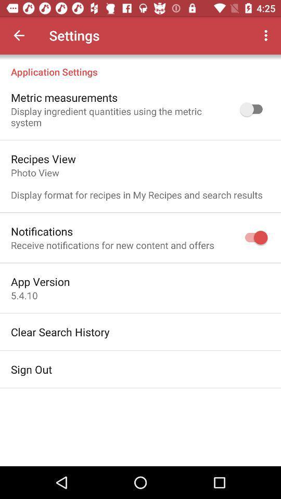  What do you see at coordinates (40, 281) in the screenshot?
I see `item above the 5.4.10 item` at bounding box center [40, 281].